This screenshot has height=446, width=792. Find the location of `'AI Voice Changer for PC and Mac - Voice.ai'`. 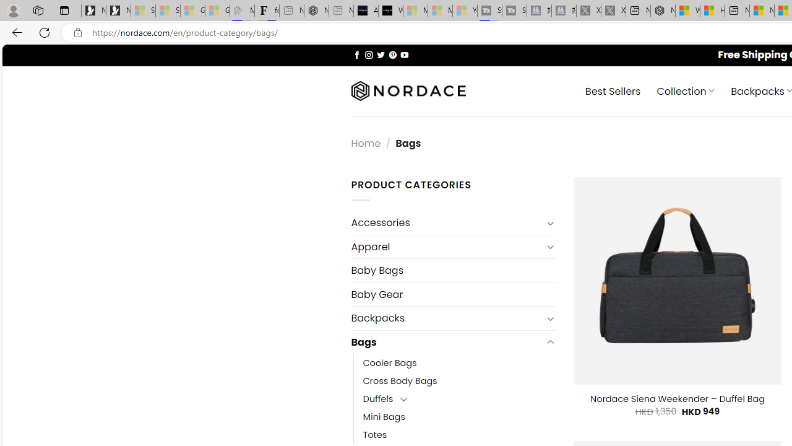

'AI Voice Changer for PC and Mac - Voice.ai' is located at coordinates (365, 11).